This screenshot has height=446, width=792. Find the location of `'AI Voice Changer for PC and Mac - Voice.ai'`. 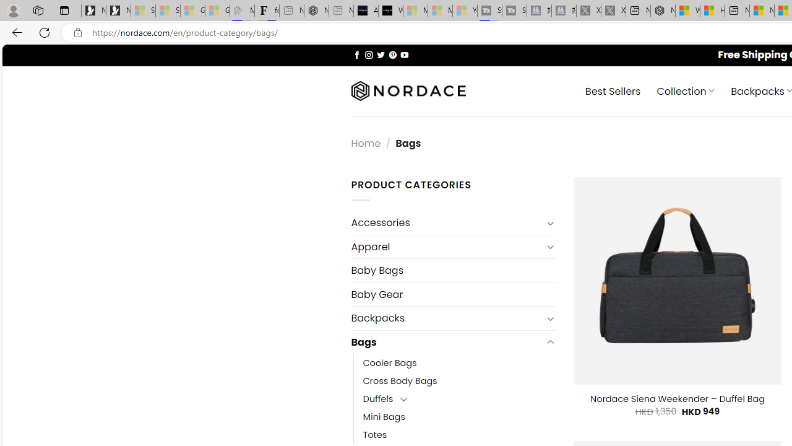

'AI Voice Changer for PC and Mac - Voice.ai' is located at coordinates (365, 11).